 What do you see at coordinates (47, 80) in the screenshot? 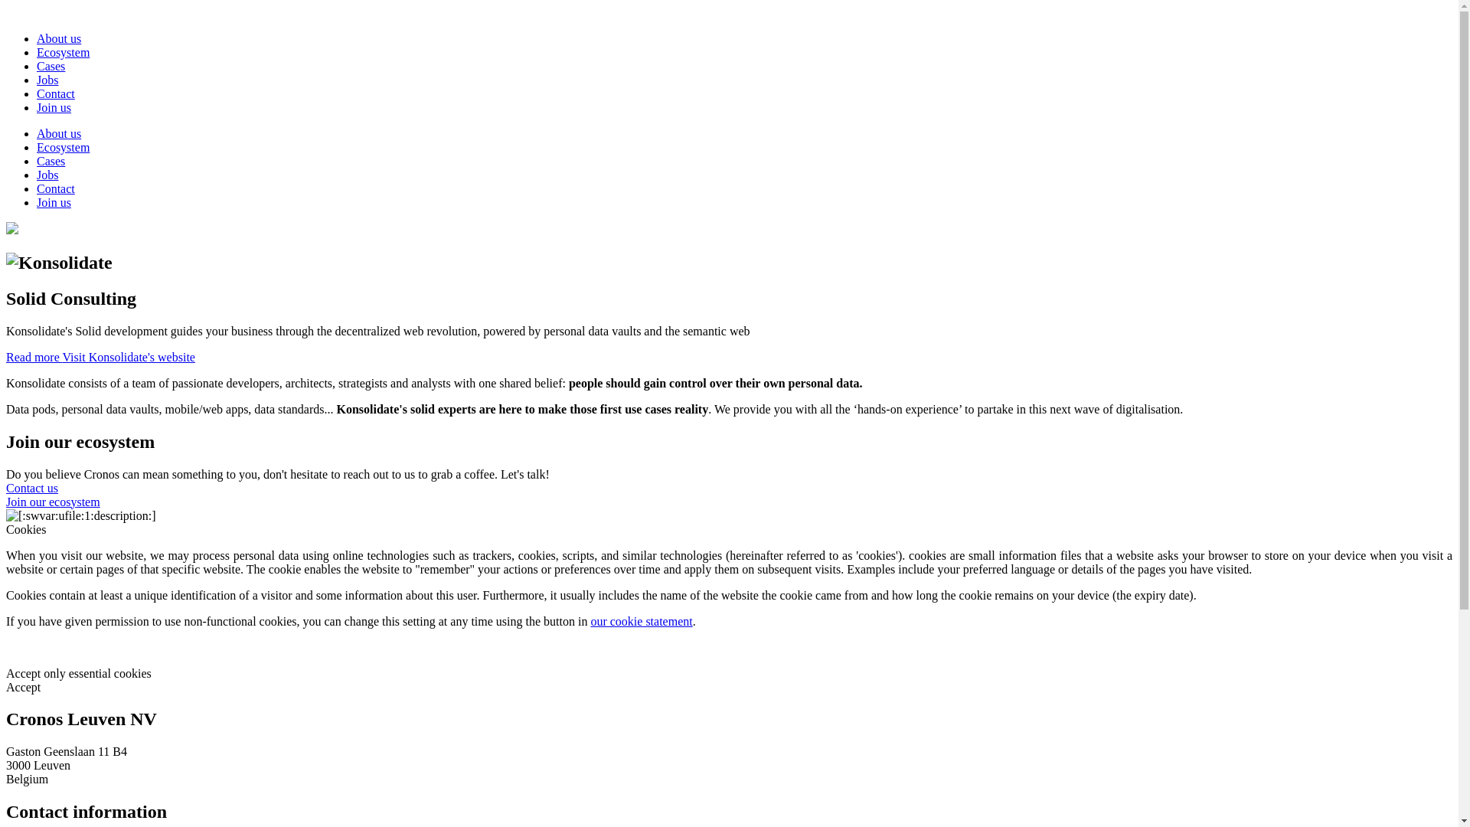
I see `'Jobs'` at bounding box center [47, 80].